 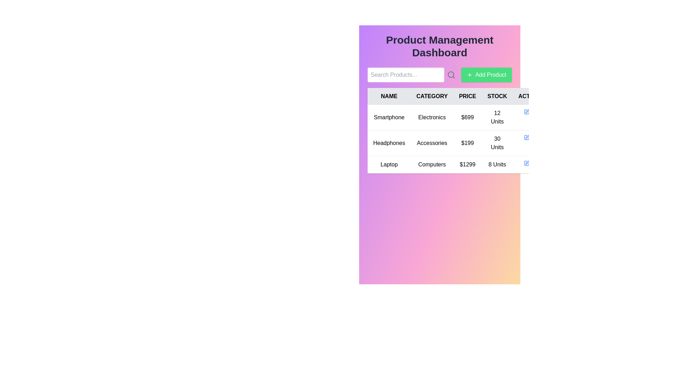 I want to click on the static text displaying the price value of the item 'Smartphone' in the 'Electronics' category, located in the third column of the first row in the product inventory table, so click(x=468, y=117).